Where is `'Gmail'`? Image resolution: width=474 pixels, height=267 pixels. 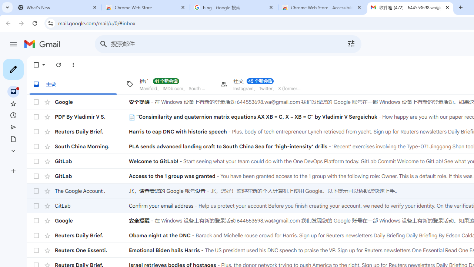
'Gmail' is located at coordinates (43, 45).